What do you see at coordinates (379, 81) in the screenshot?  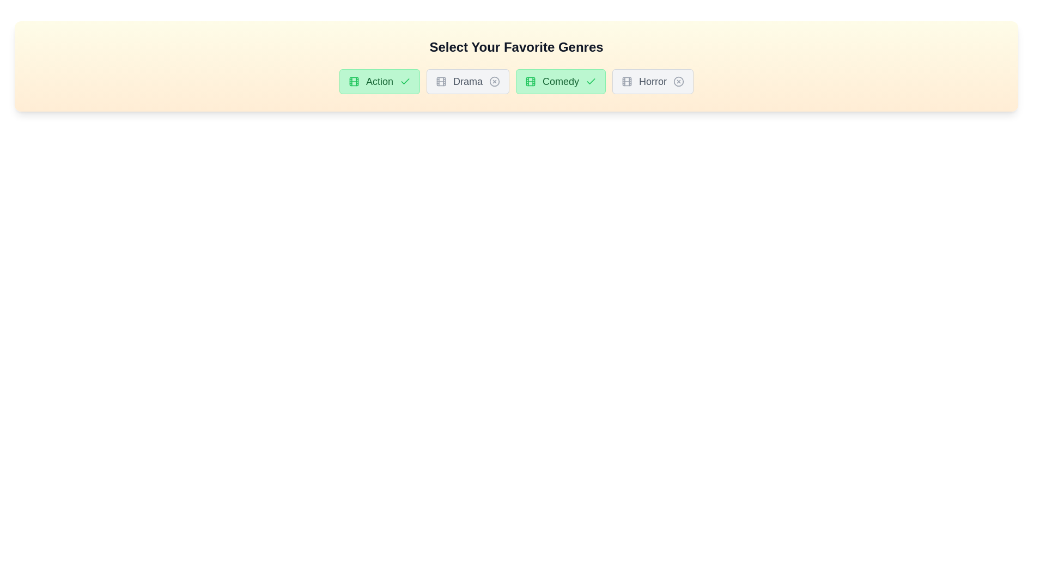 I see `the genre Action` at bounding box center [379, 81].